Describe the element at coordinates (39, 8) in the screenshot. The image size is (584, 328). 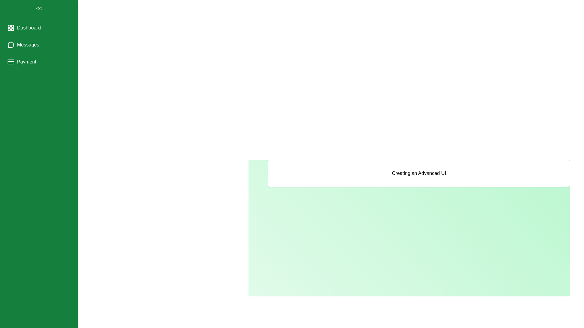
I see `the double-angle left-pointing button ('<<') styled in white on a green background, located at the top-left corner of the green sidebar` at that location.